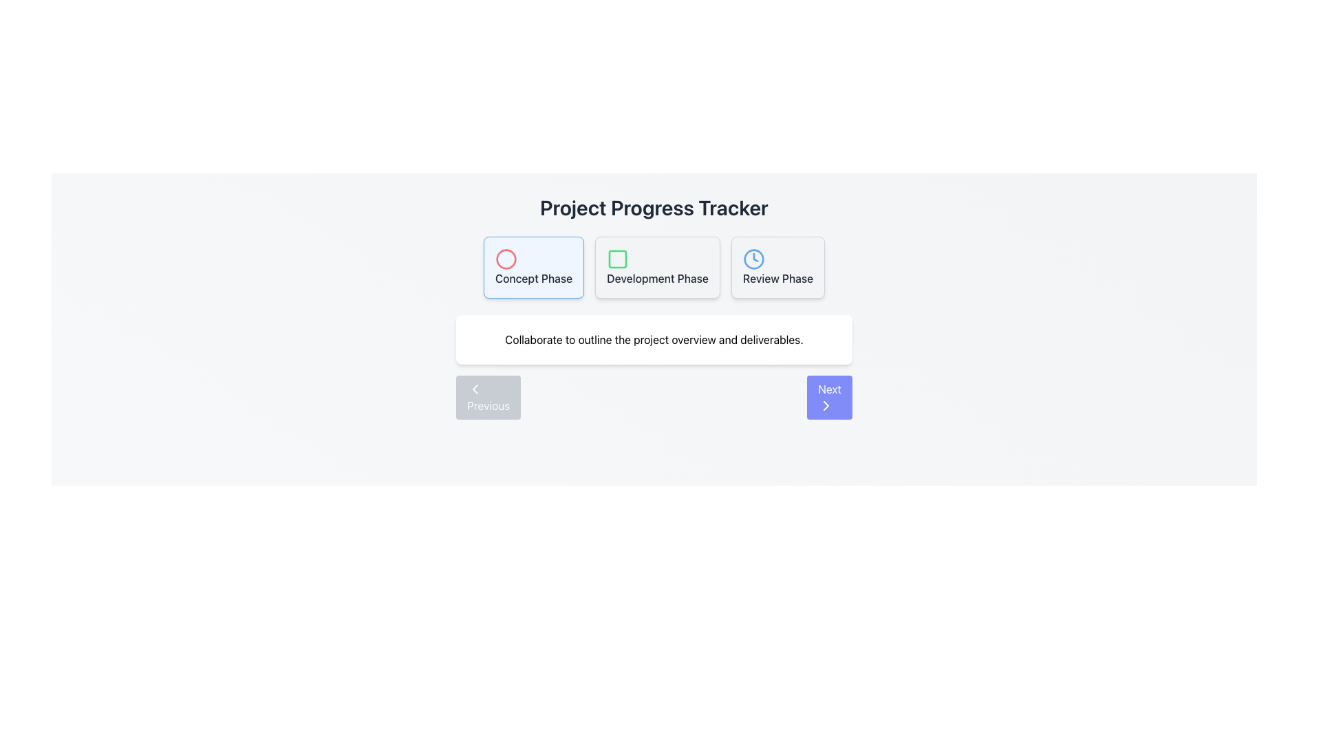  Describe the element at coordinates (753, 259) in the screenshot. I see `the clock icon located within the 'Review Phase' card, which is the rightmost card in the 'Project Progress Tracker' section` at that location.